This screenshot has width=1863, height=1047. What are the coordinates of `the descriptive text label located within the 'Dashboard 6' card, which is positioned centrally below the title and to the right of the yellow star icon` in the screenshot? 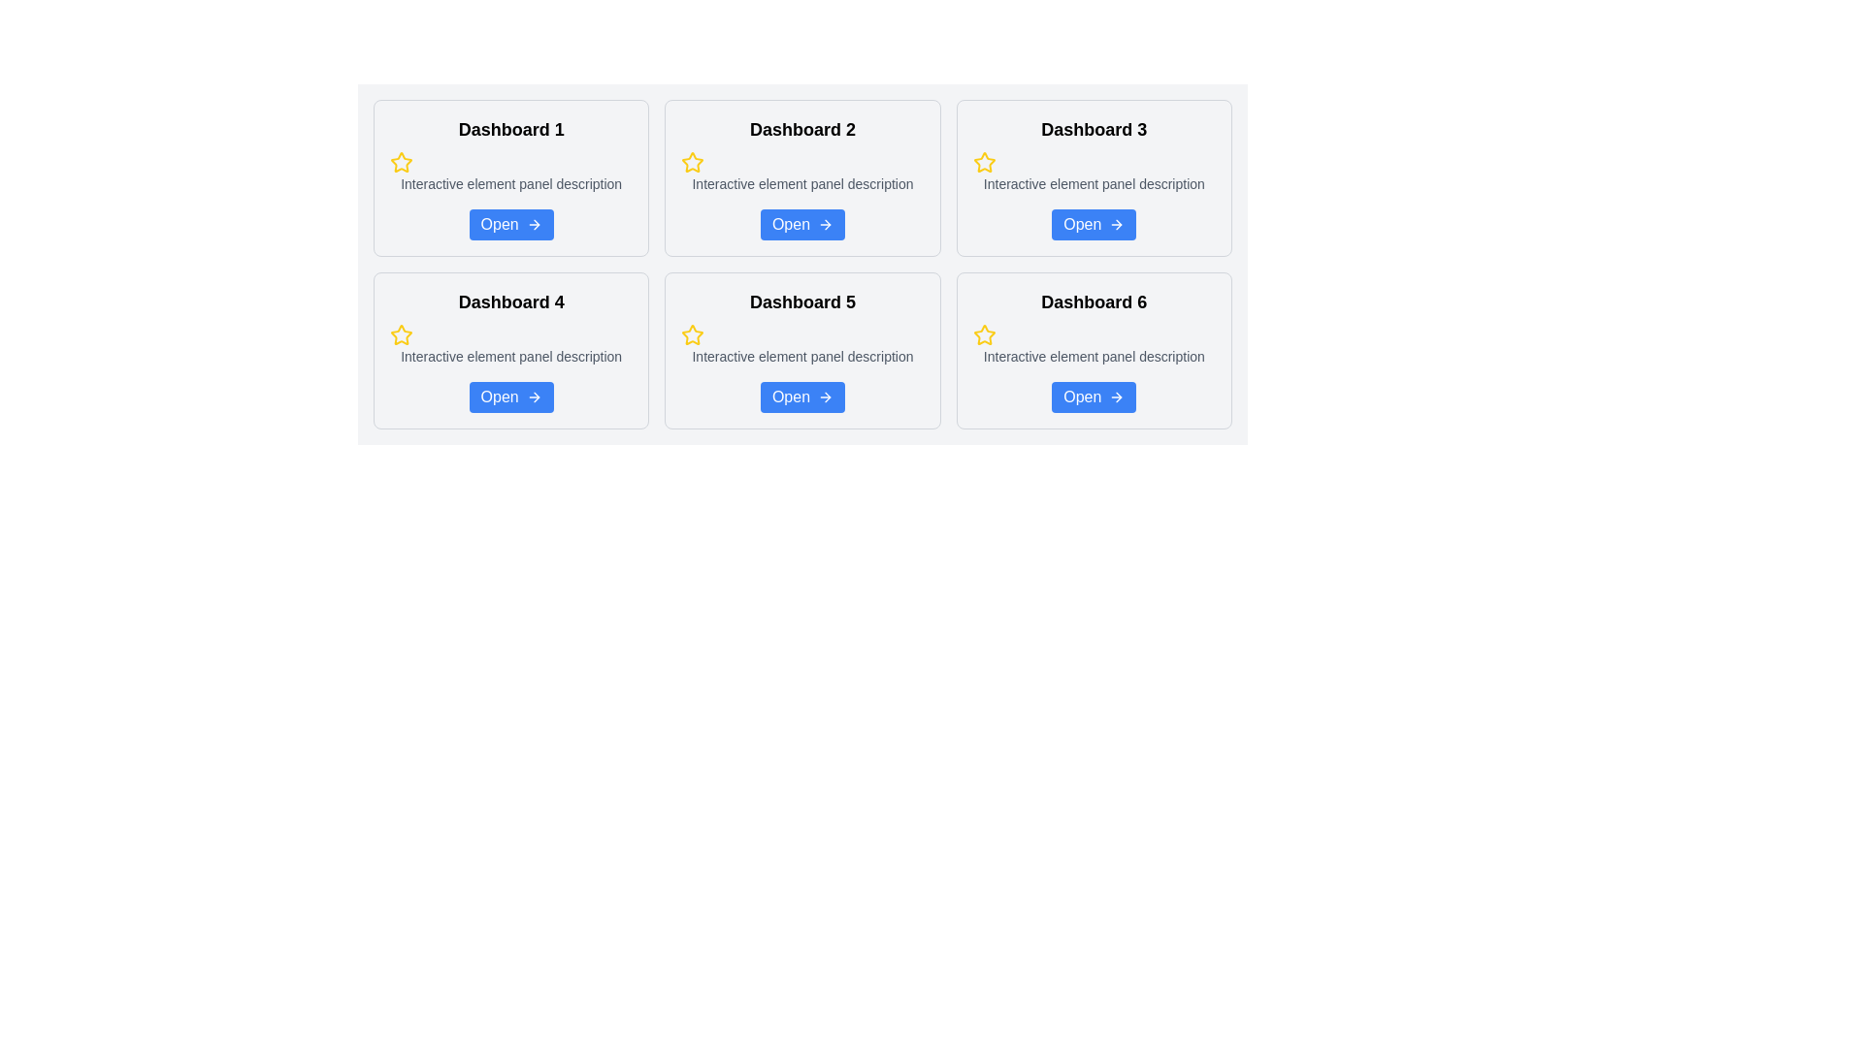 It's located at (1094, 356).